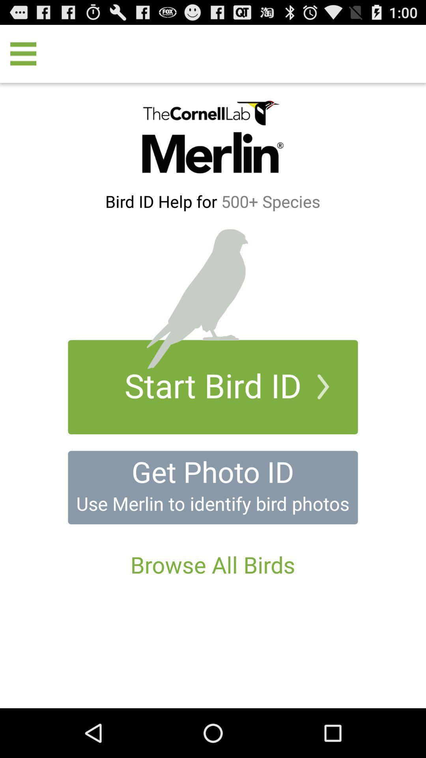  What do you see at coordinates (212, 503) in the screenshot?
I see `icon above the browse all birds icon` at bounding box center [212, 503].